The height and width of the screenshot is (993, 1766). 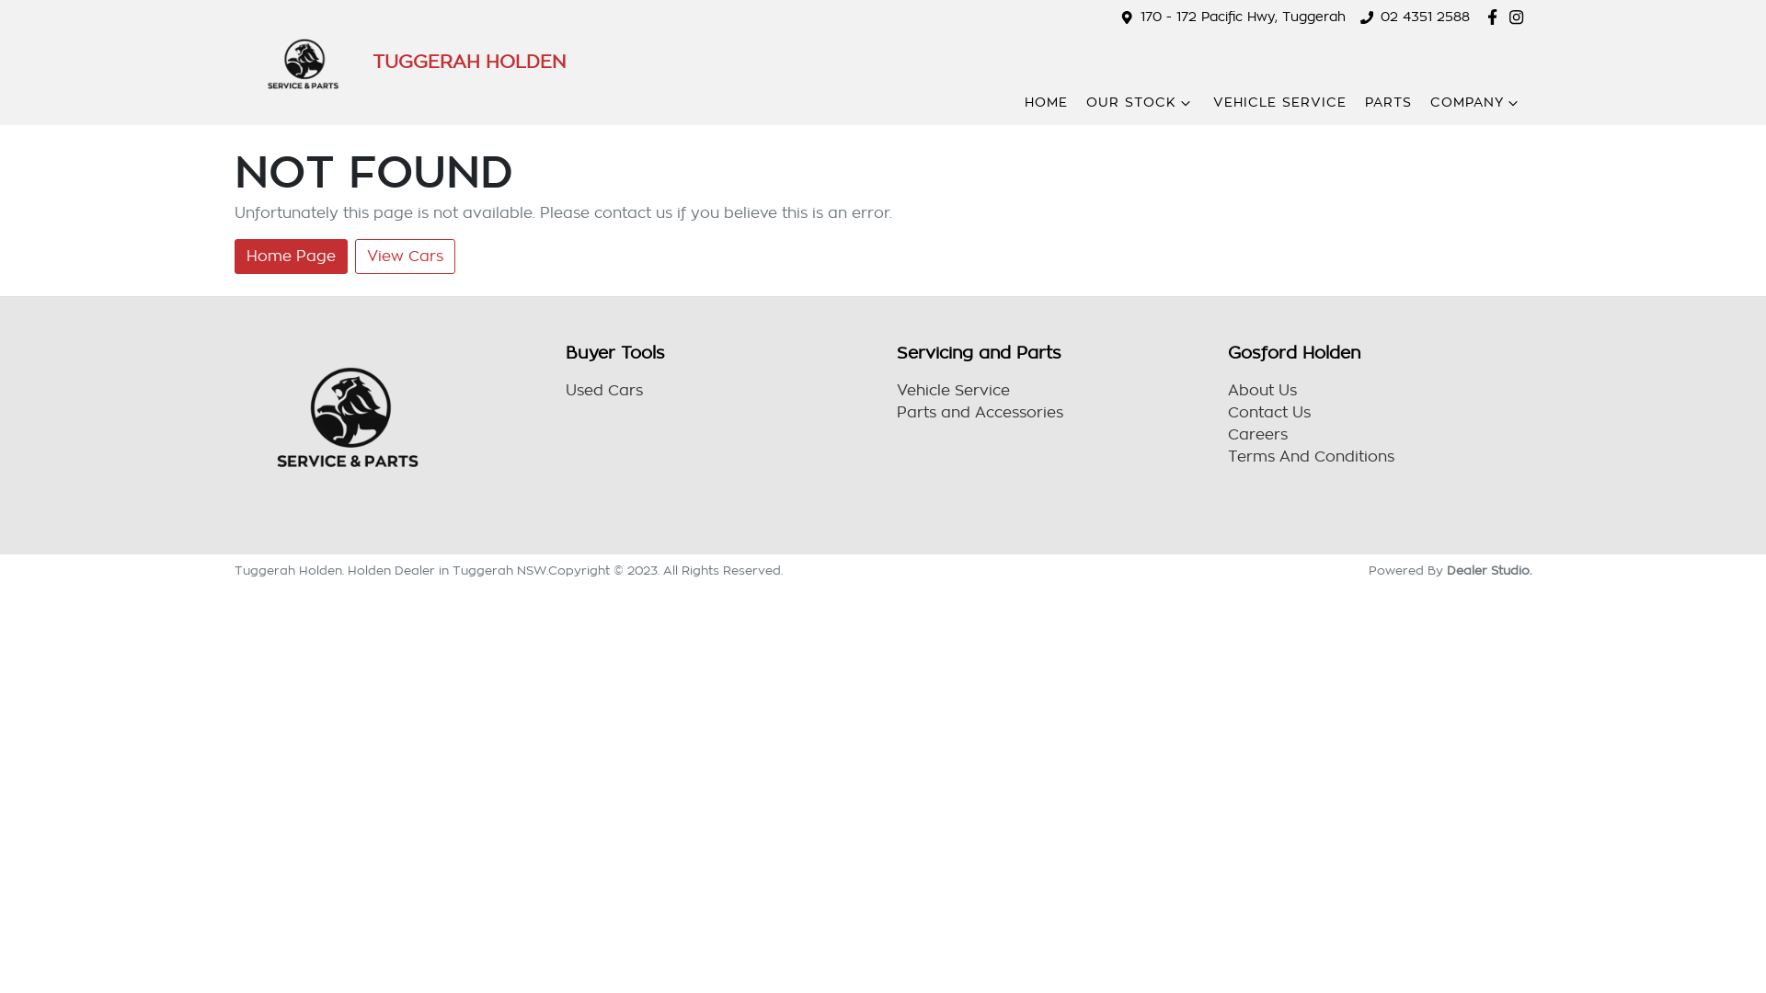 What do you see at coordinates (404, 256) in the screenshot?
I see `'View Cars'` at bounding box center [404, 256].